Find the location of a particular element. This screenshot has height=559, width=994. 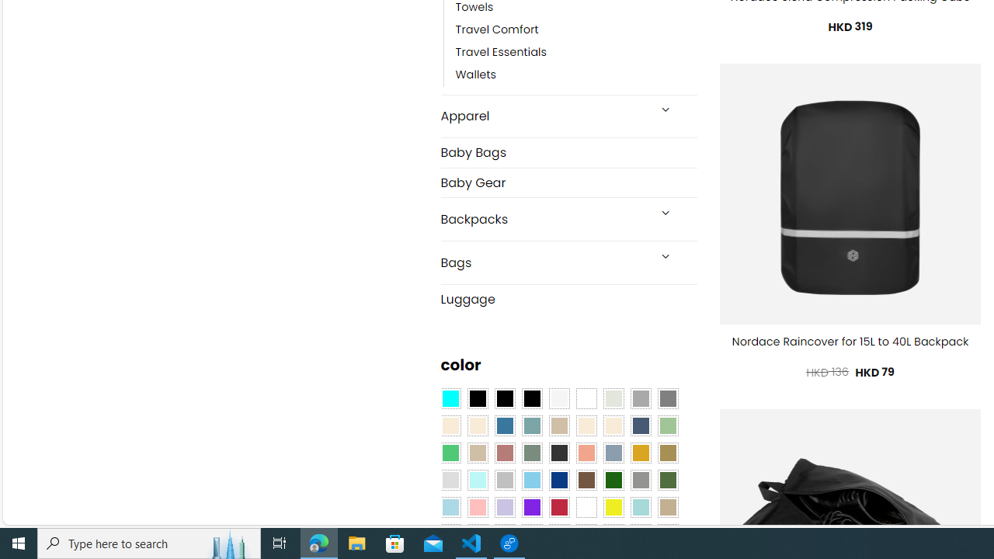

'Cream' is located at coordinates (612, 426).